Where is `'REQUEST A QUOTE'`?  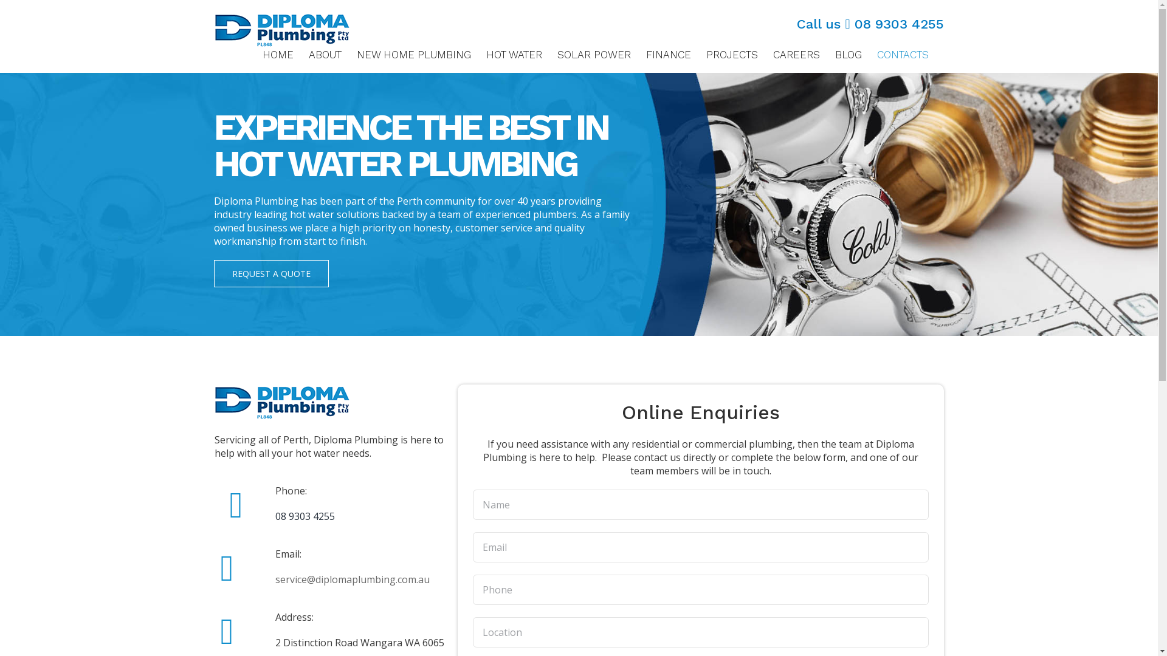 'REQUEST A QUOTE' is located at coordinates (270, 273).